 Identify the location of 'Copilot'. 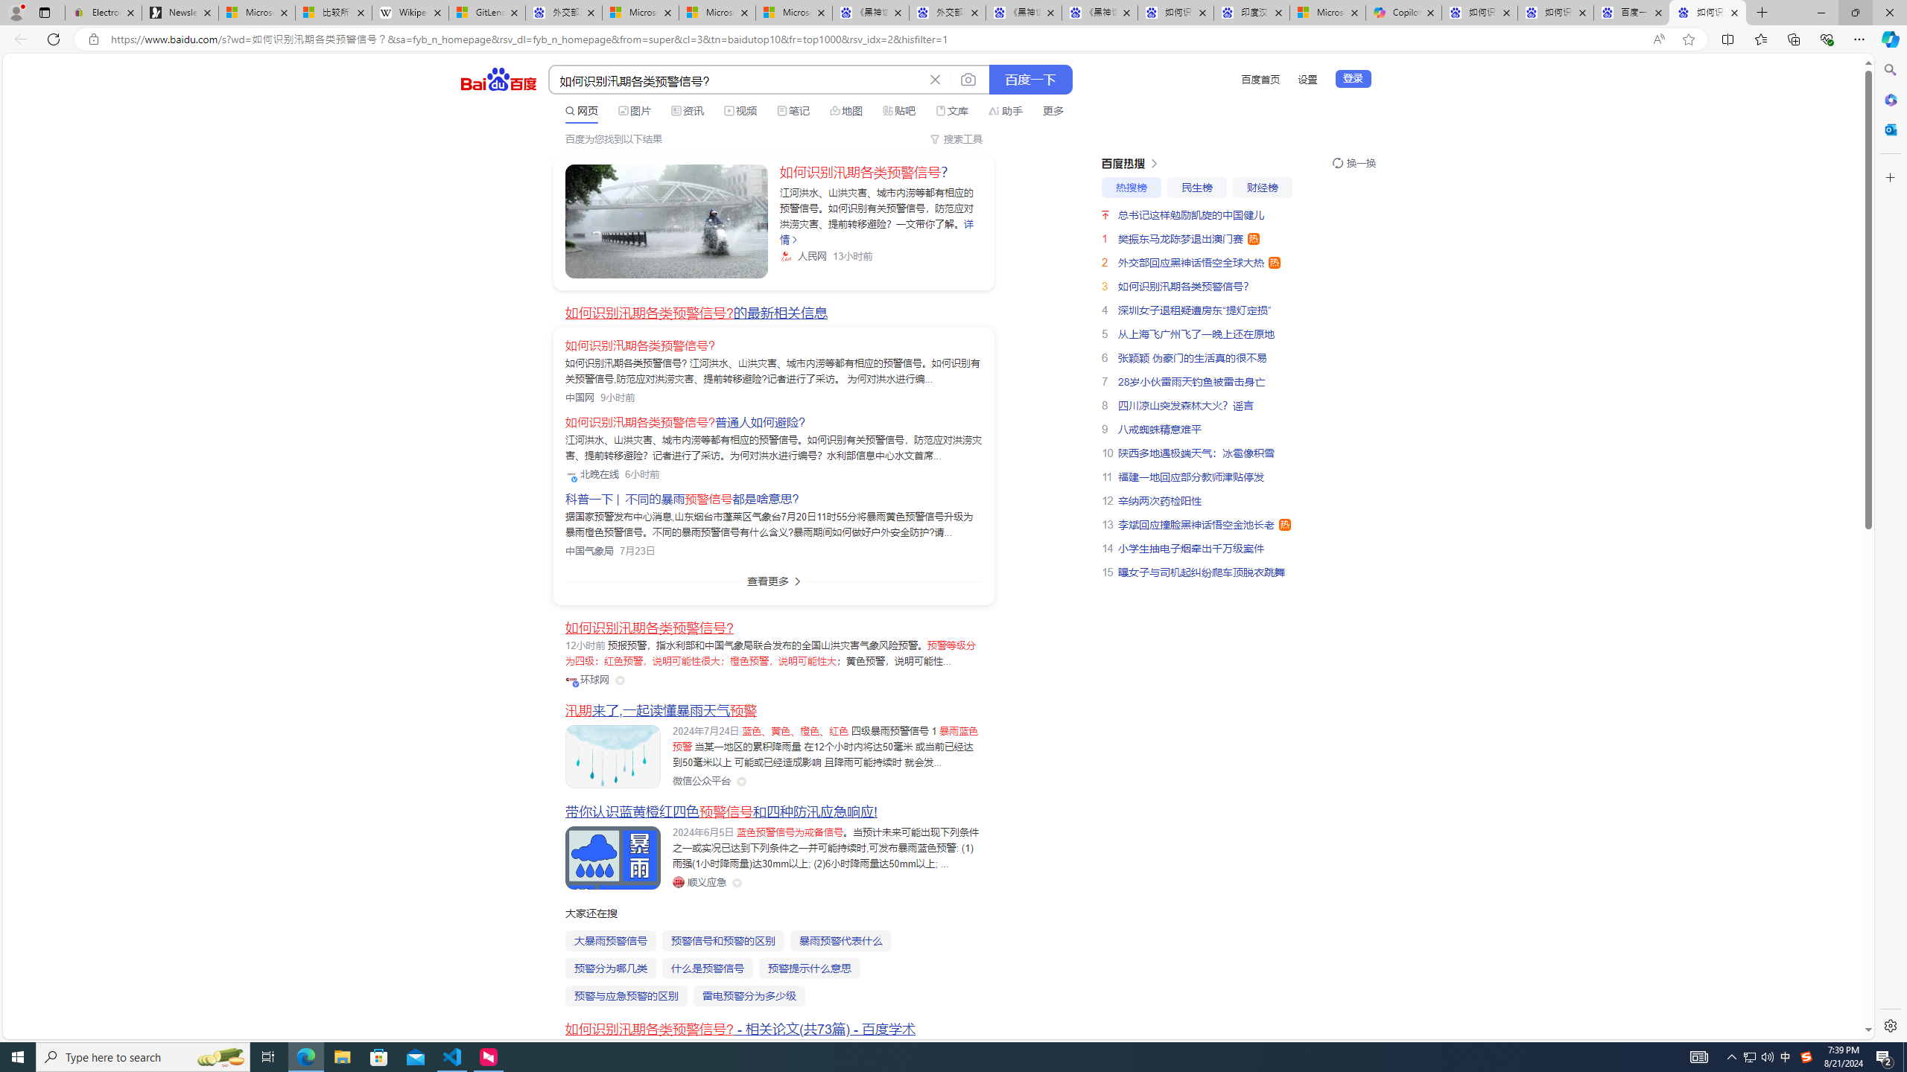
(1403, 12).